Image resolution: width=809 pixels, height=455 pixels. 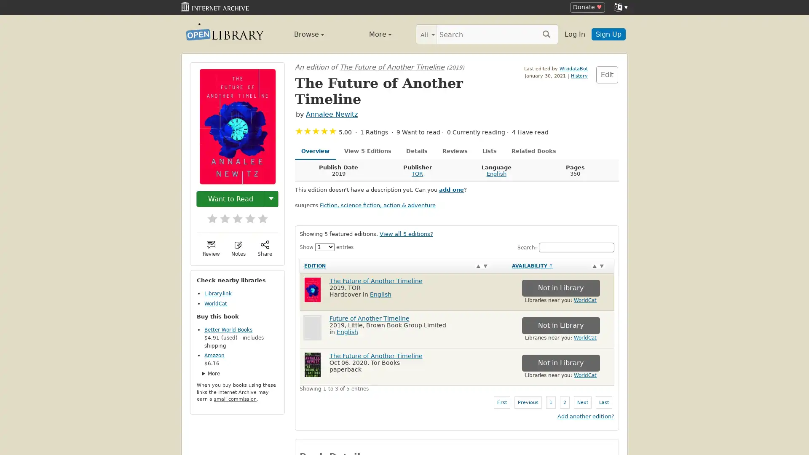 I want to click on 5, so click(x=258, y=215).